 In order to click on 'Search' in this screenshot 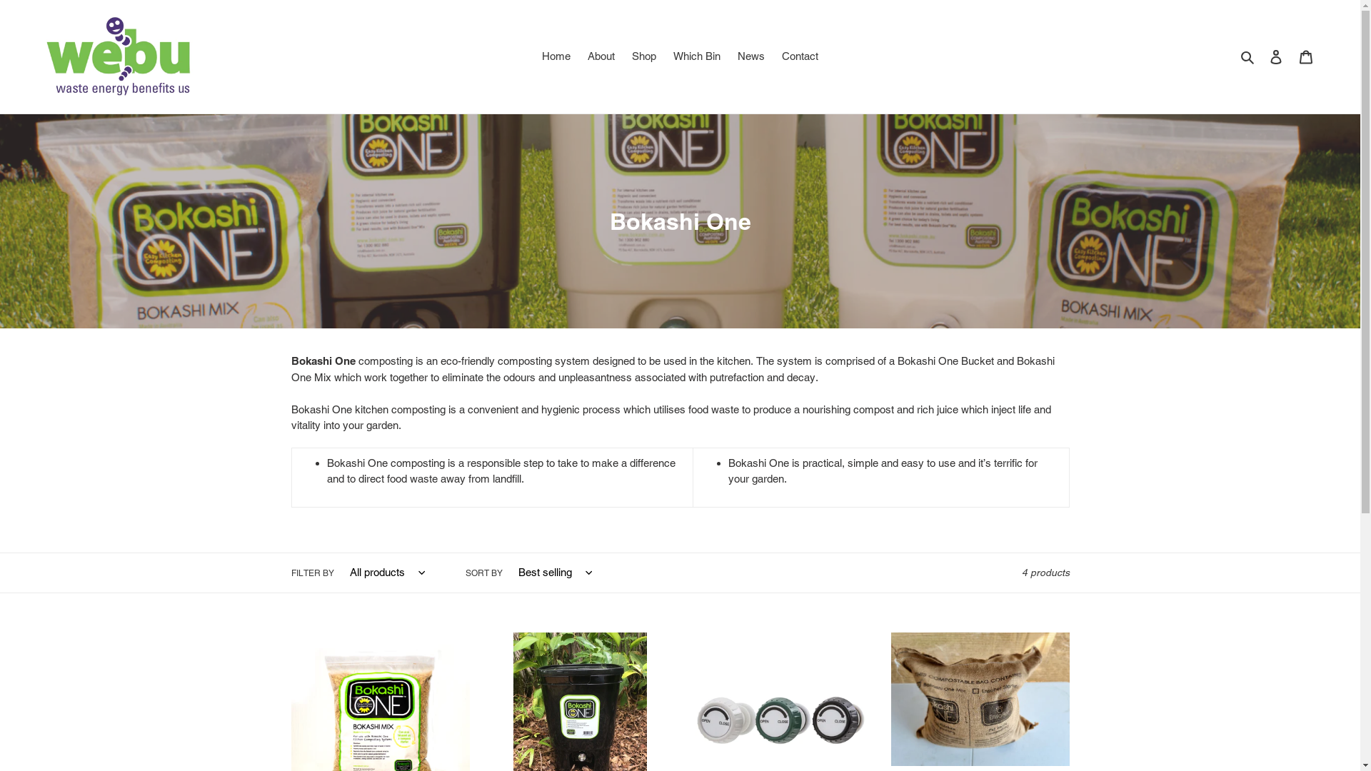, I will do `click(1247, 56)`.